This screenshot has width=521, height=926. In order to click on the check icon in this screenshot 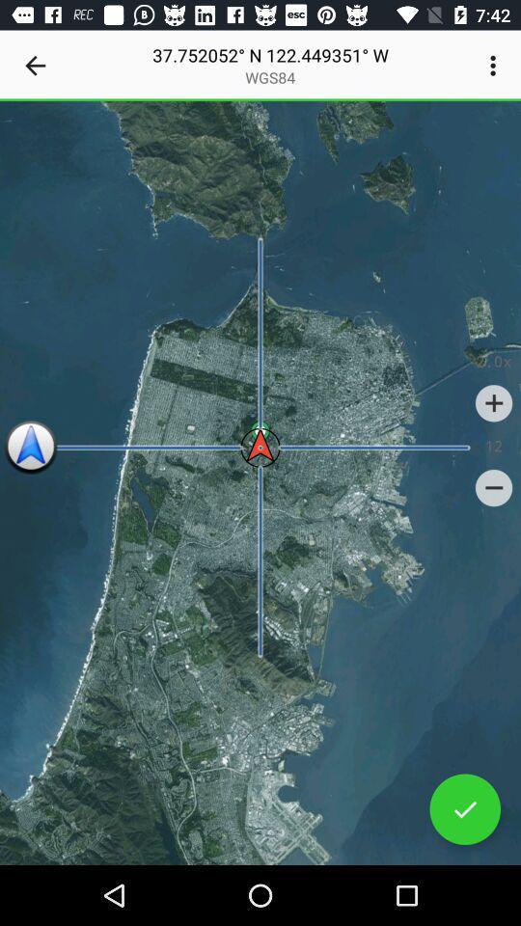, I will do `click(464, 809)`.